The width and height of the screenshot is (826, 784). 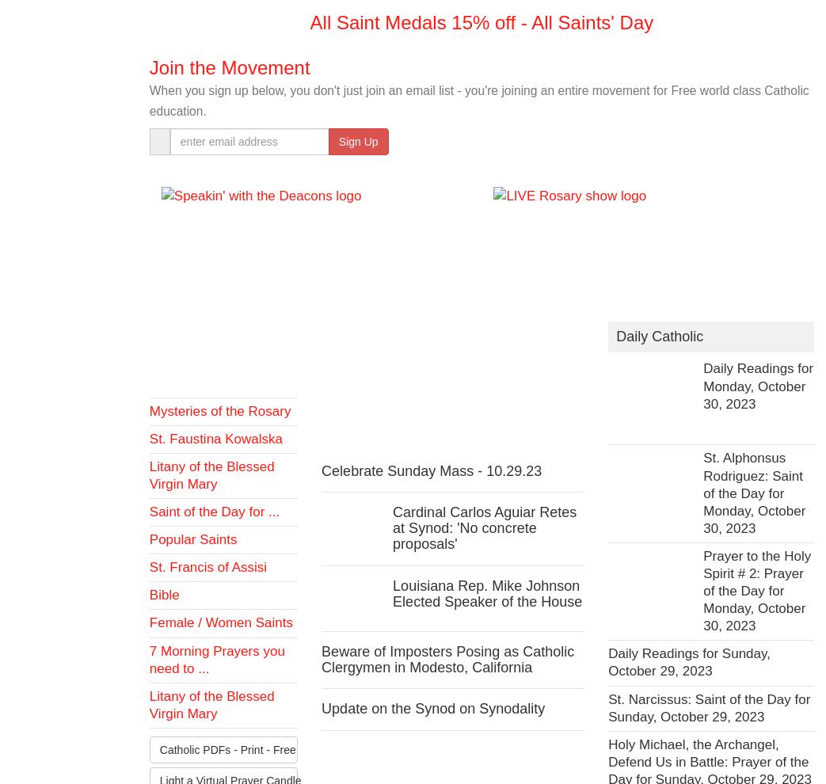 What do you see at coordinates (220, 622) in the screenshot?
I see `'Female / Women Saints'` at bounding box center [220, 622].